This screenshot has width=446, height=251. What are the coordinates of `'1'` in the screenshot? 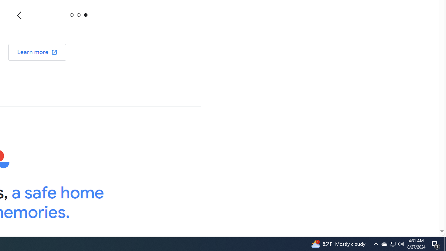 It's located at (78, 15).